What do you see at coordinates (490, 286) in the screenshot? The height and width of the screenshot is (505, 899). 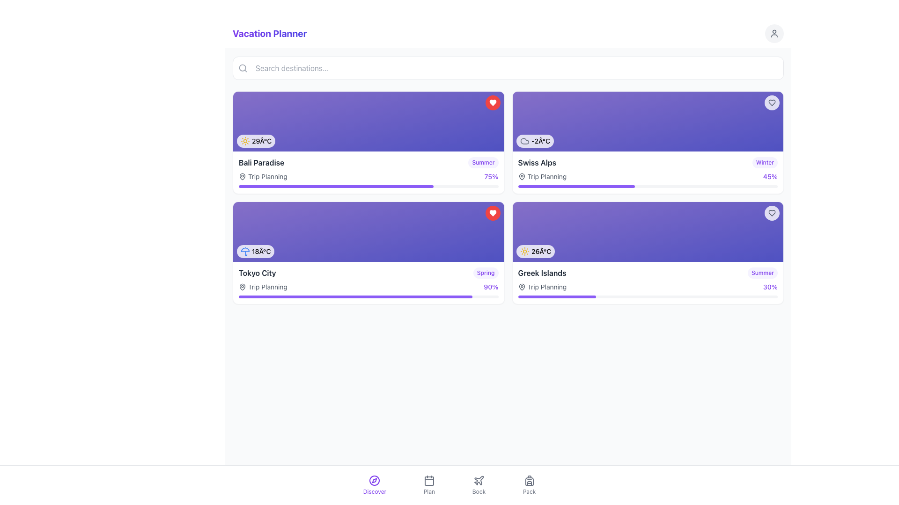 I see `the text '90%' displayed in a violet-colored font near the bottom-right corner of the 'Tokyo City' card layout` at bounding box center [490, 286].